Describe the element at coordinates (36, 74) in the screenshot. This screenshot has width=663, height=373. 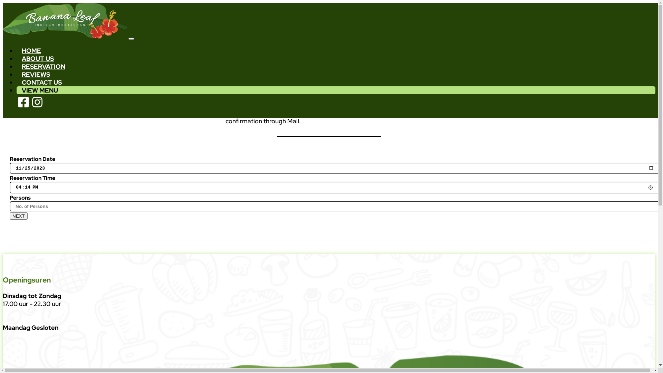
I see `'REVIEWS'` at that location.